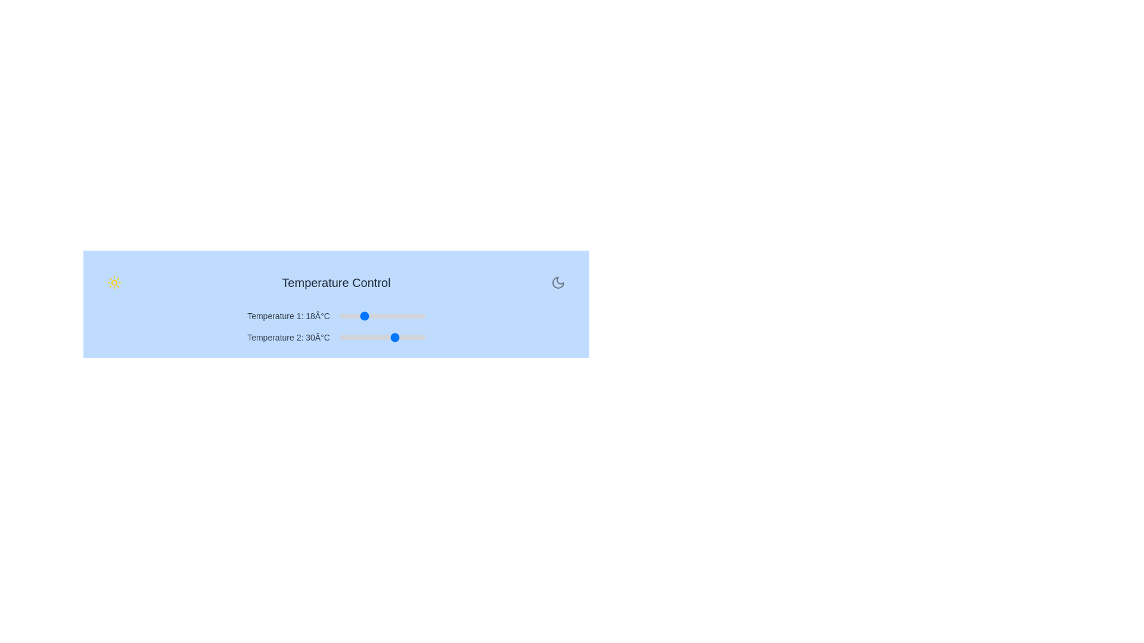 Image resolution: width=1144 pixels, height=643 pixels. Describe the element at coordinates (356, 316) in the screenshot. I see `Temperature 1` at that location.